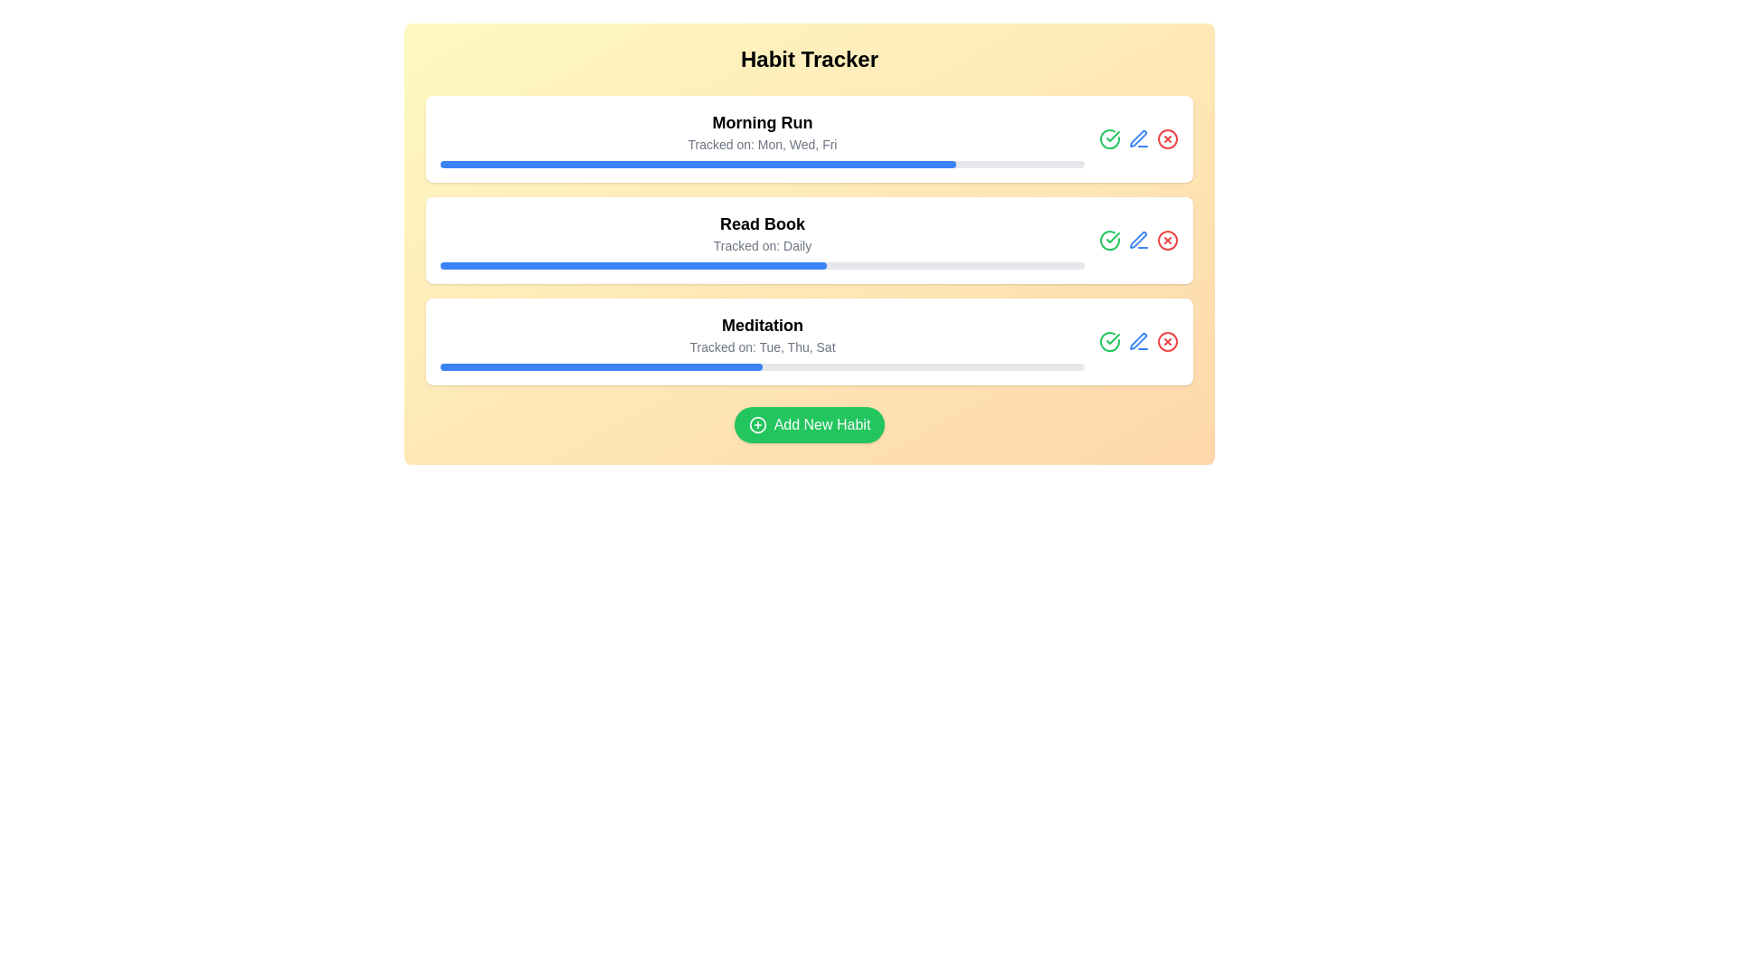 The height and width of the screenshot is (977, 1737). I want to click on the green circular checkmark icon located to the right of the 'Morning Run' progress bar to observe its hover effect, so click(1109, 240).